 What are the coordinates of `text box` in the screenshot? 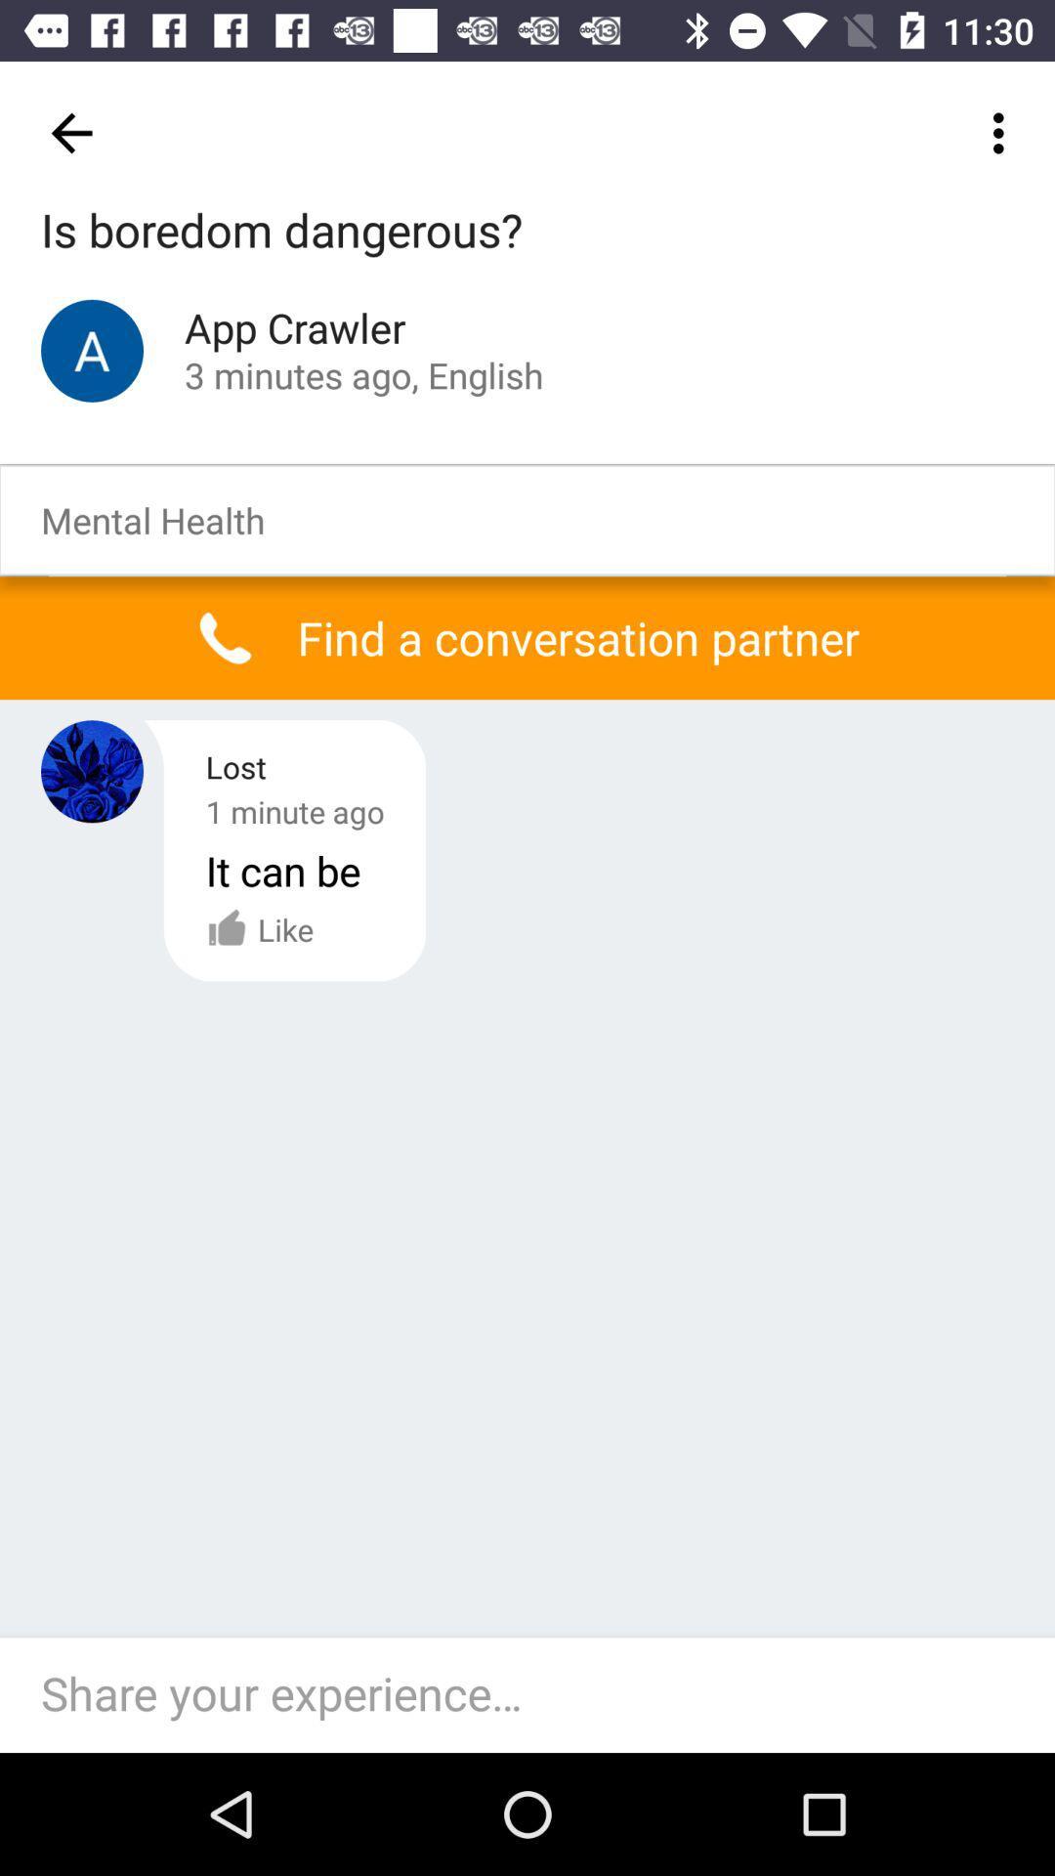 It's located at (537, 1694).